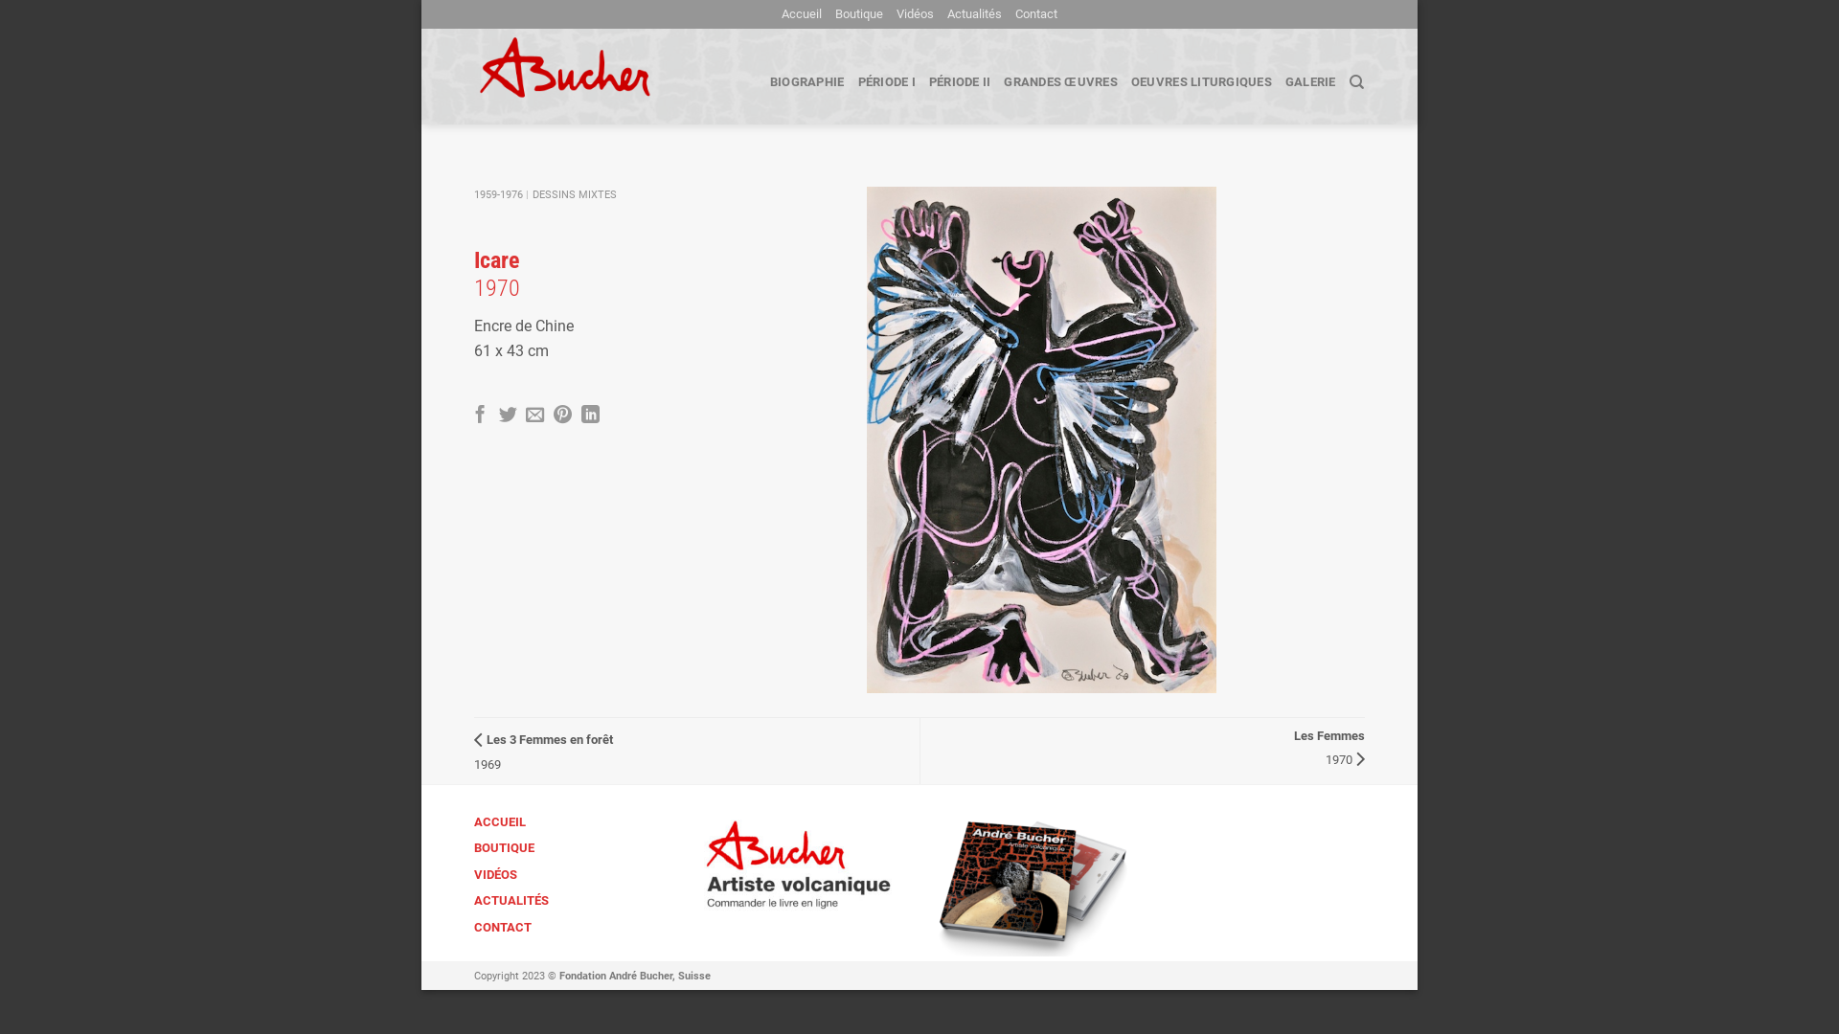  I want to click on 'Les Femmes, so click(1328, 746).